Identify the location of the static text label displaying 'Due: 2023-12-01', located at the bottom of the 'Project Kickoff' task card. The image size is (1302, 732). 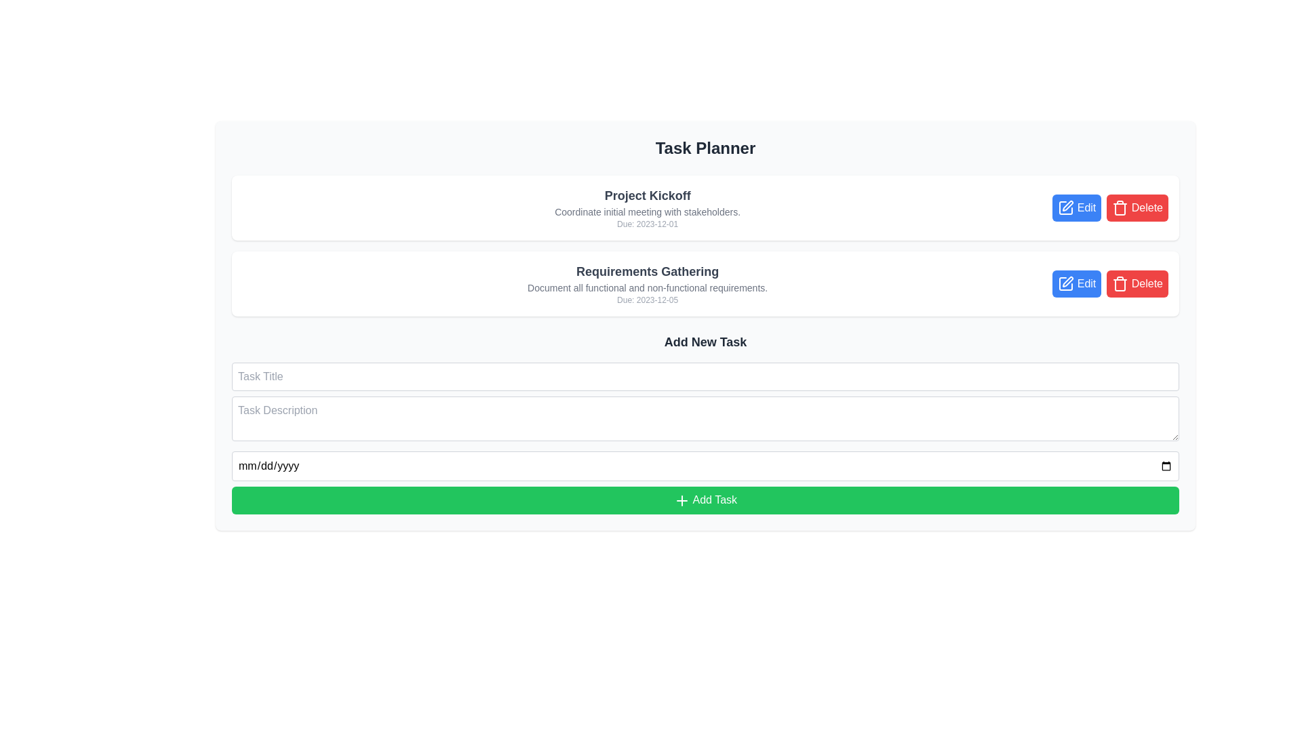
(647, 224).